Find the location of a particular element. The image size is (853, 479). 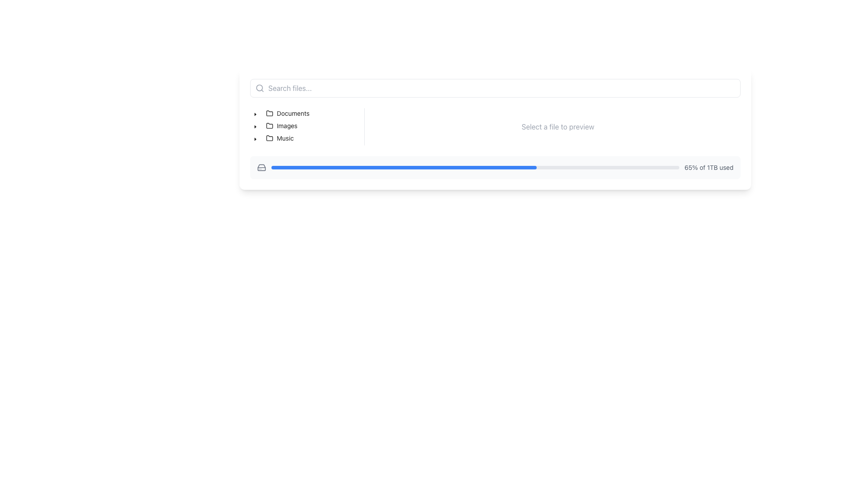

the Caret icon next to the 'Images' label in the tree list is located at coordinates (255, 126).